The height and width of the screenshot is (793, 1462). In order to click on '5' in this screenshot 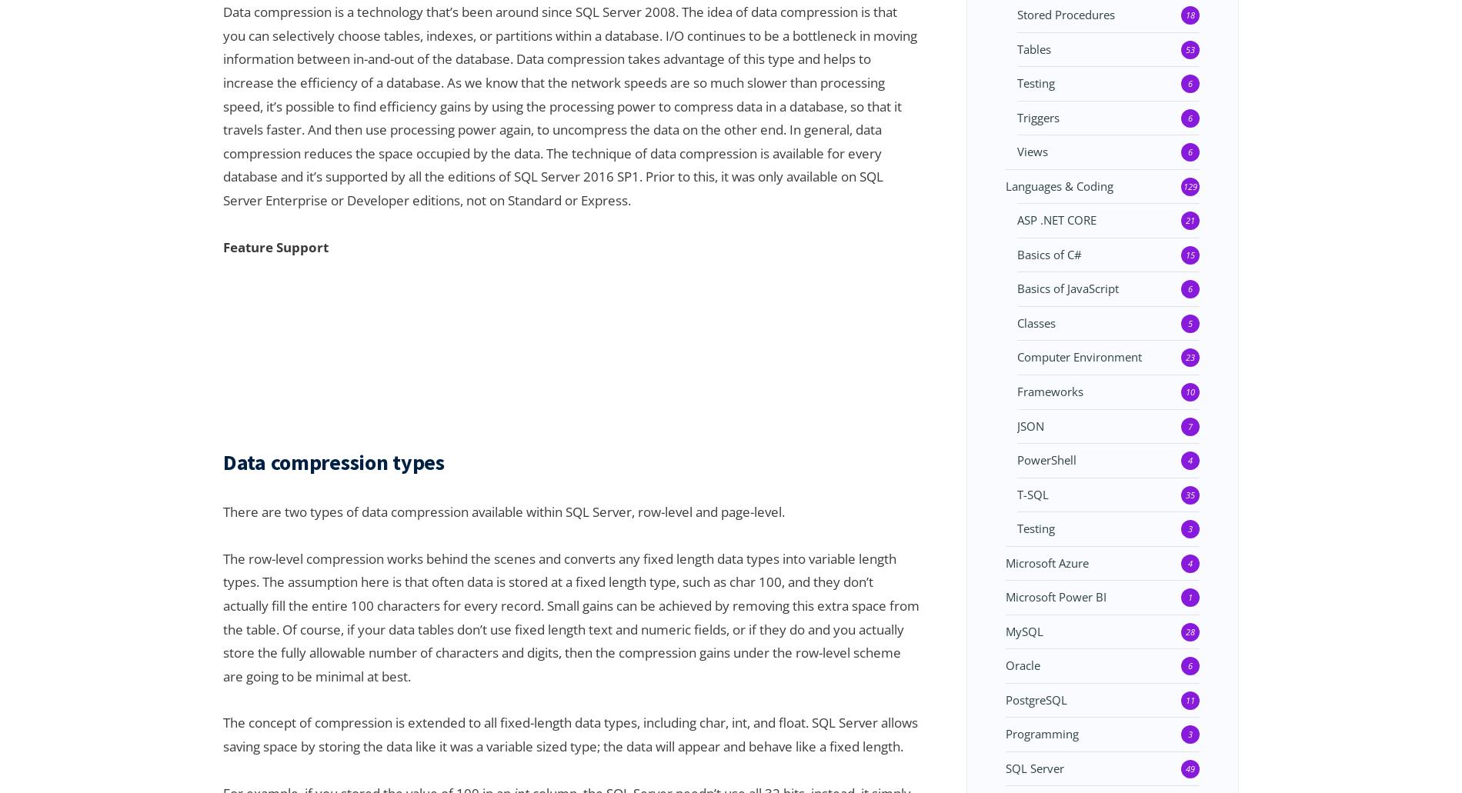, I will do `click(1190, 322)`.